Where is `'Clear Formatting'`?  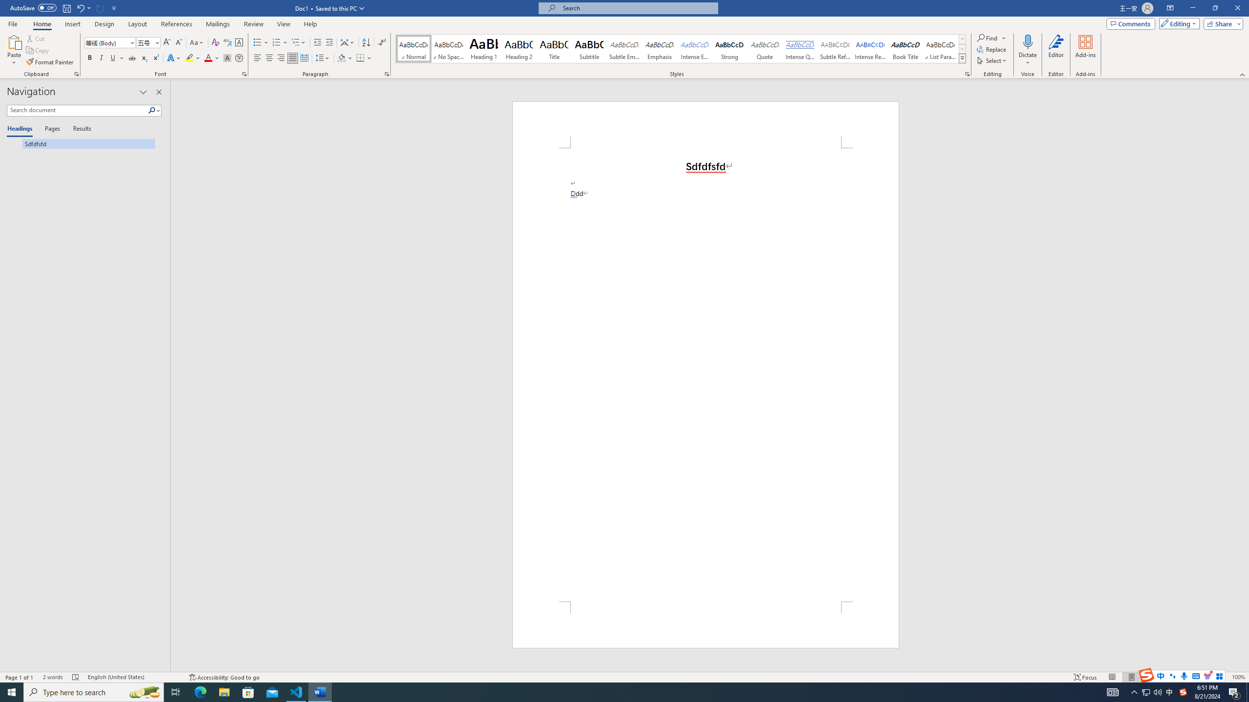
'Clear Formatting' is located at coordinates (215, 42).